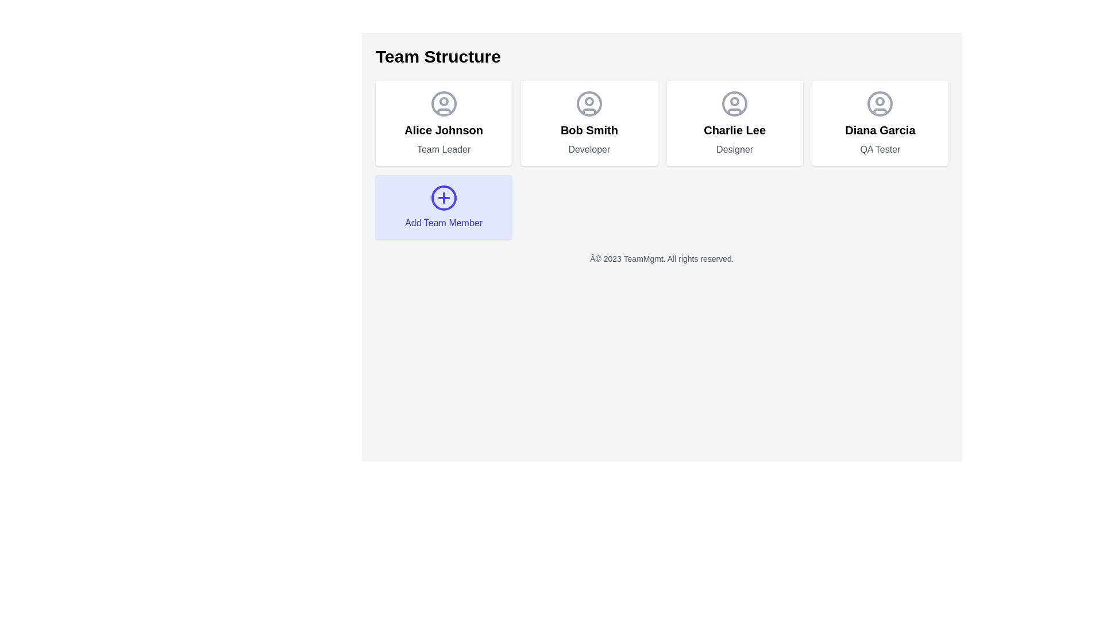 This screenshot has width=1103, height=620. Describe the element at coordinates (443, 149) in the screenshot. I see `the text label that reads 'Team Leader', which is displayed in gray color and positioned underneath the title 'Alice Johnson' within the bordered card layout` at that location.